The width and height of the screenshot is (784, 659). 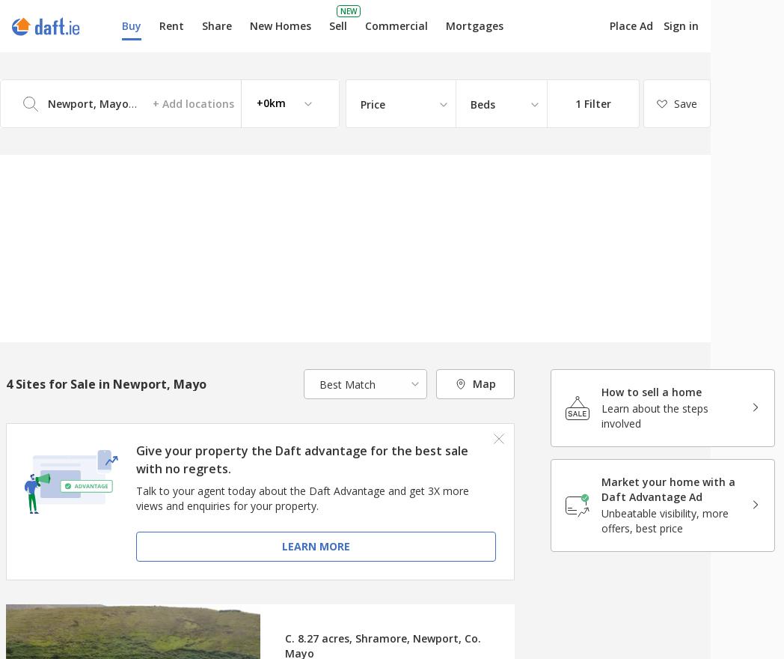 I want to click on 'How to sell a home', so click(x=651, y=391).